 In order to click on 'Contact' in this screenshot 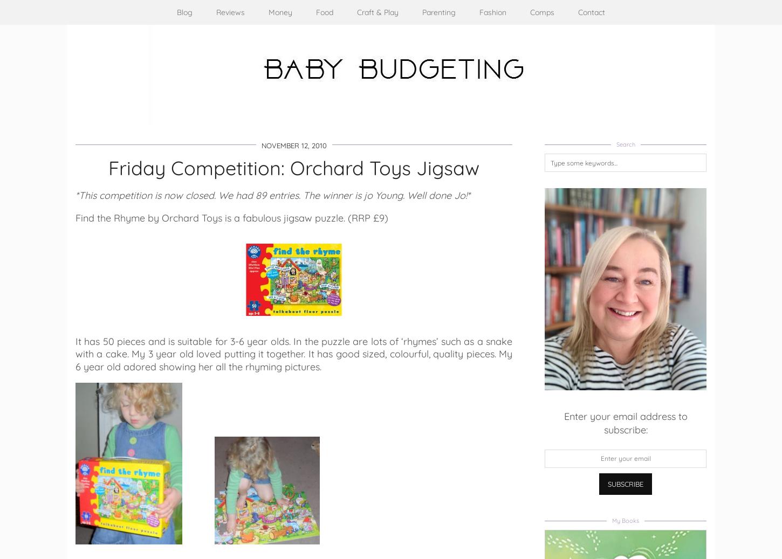, I will do `click(591, 12)`.